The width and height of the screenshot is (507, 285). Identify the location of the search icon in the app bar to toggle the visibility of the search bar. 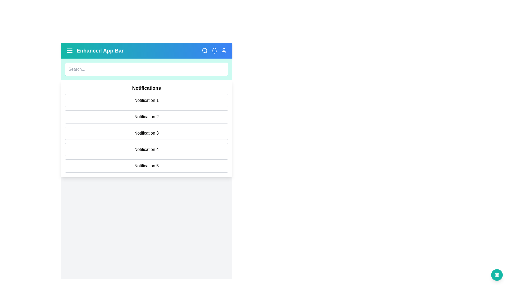
(205, 51).